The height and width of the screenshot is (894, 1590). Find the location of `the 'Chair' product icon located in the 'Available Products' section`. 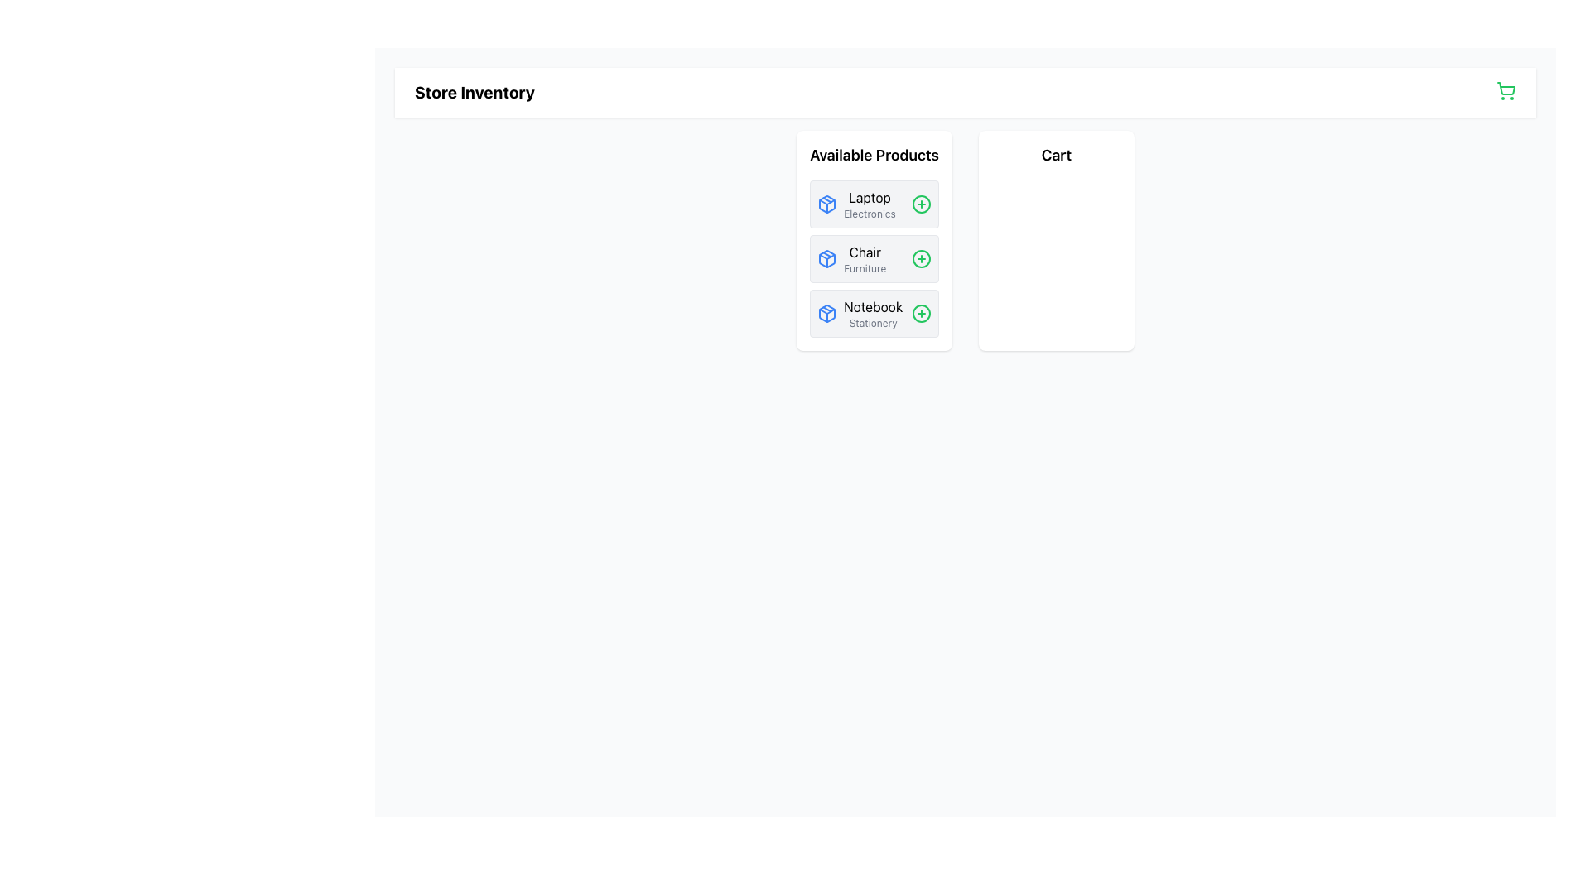

the 'Chair' product icon located in the 'Available Products' section is located at coordinates (827, 258).